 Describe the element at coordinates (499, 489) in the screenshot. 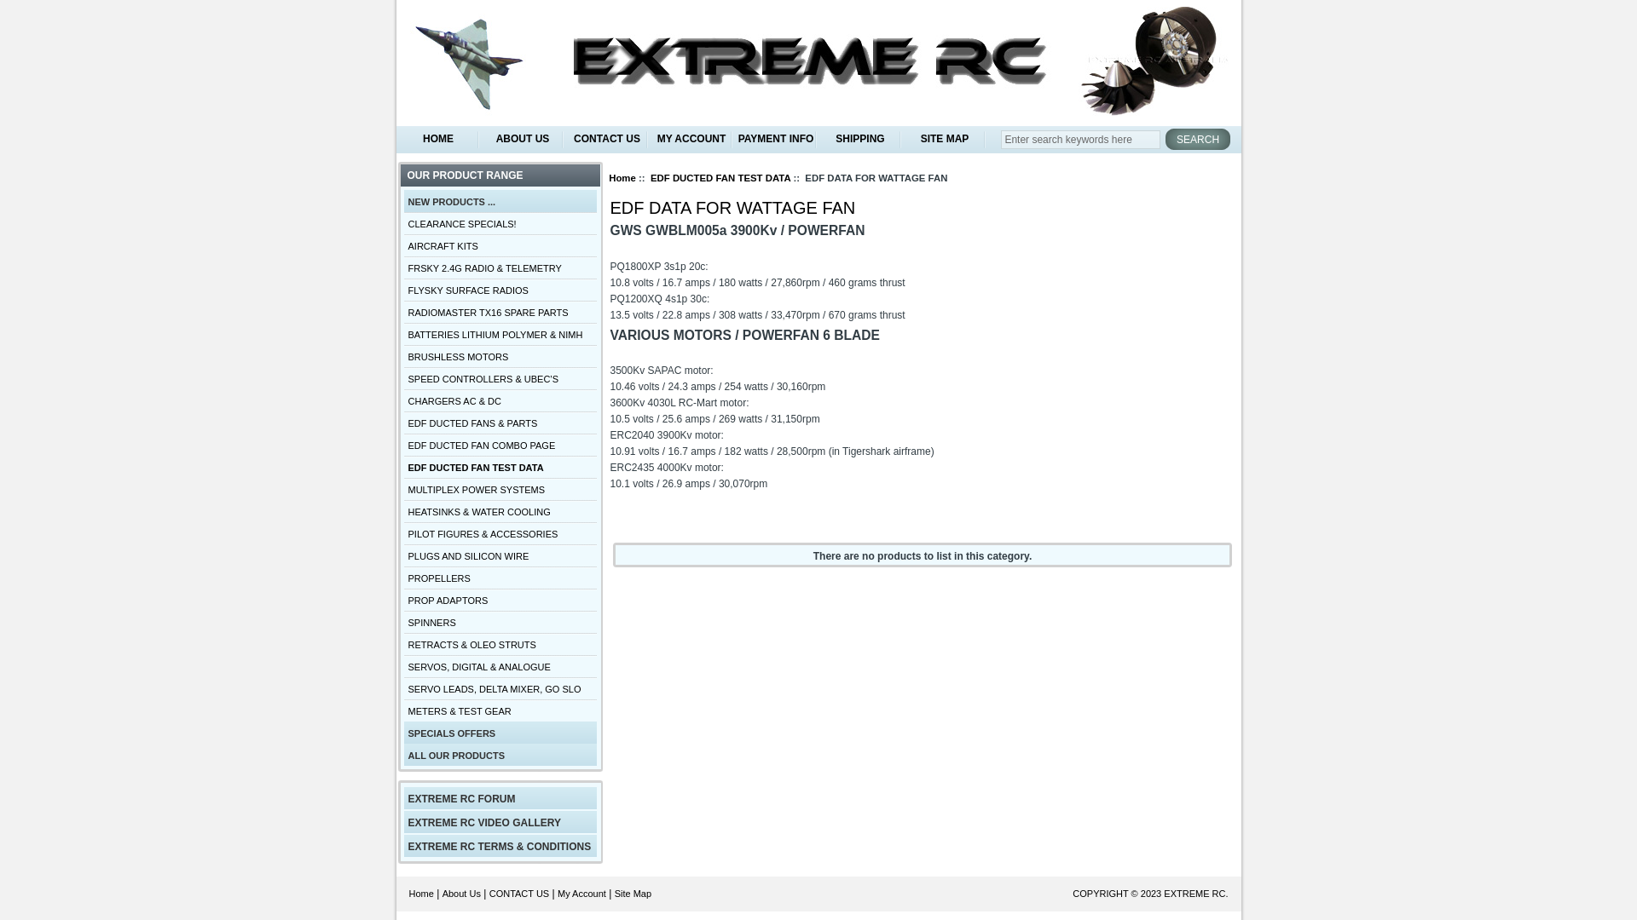

I see `'MULTIPLEX POWER SYSTEMS'` at that location.